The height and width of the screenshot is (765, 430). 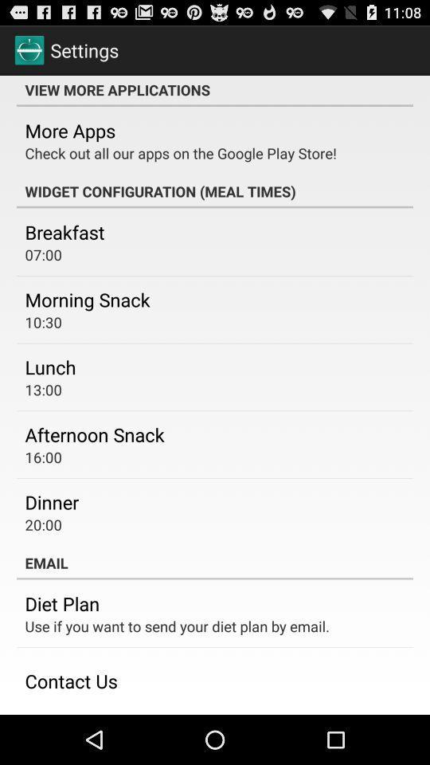 What do you see at coordinates (215, 191) in the screenshot?
I see `the widget configuration meal` at bounding box center [215, 191].